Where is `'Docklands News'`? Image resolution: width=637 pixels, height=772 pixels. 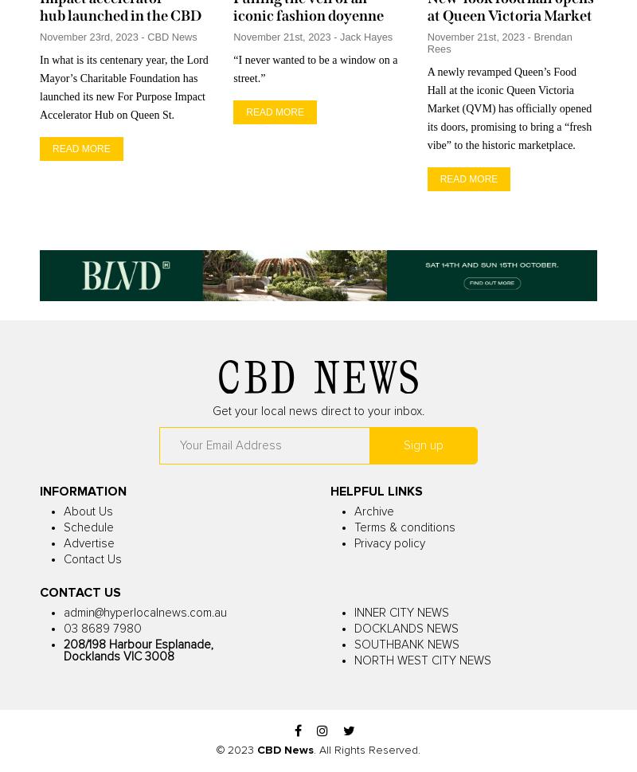
'Docklands News' is located at coordinates (405, 628).